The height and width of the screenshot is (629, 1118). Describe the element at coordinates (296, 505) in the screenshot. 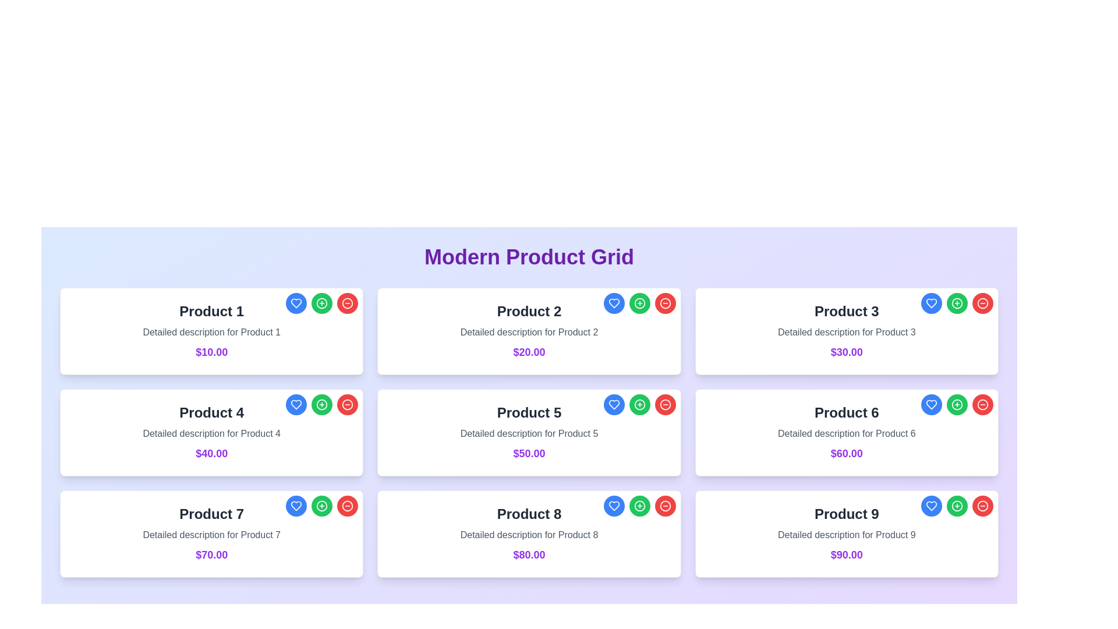

I see `the heart icon in the top-left corner of the button group associated with 'Product 7'` at that location.